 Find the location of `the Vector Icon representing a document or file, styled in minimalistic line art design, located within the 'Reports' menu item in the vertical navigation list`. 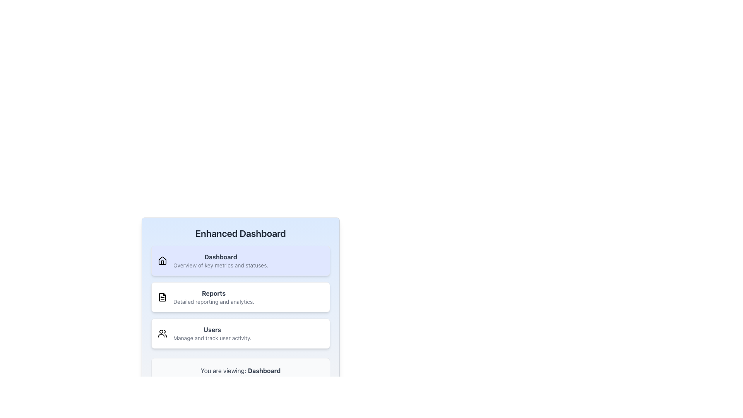

the Vector Icon representing a document or file, styled in minimalistic line art design, located within the 'Reports' menu item in the vertical navigation list is located at coordinates (162, 296).